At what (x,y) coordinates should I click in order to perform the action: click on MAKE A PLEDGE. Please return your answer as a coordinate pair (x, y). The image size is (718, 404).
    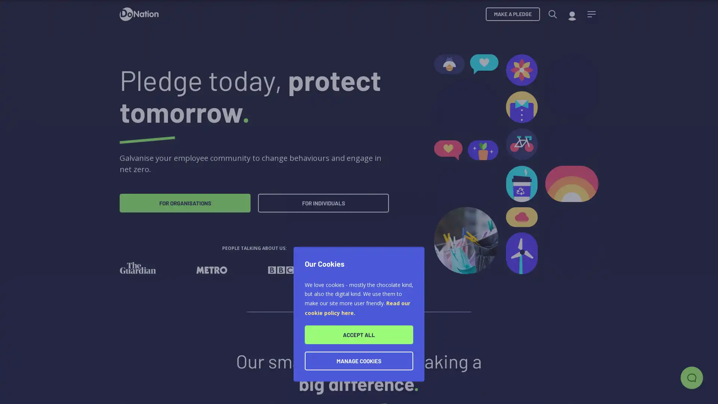
    Looking at the image, I should click on (512, 14).